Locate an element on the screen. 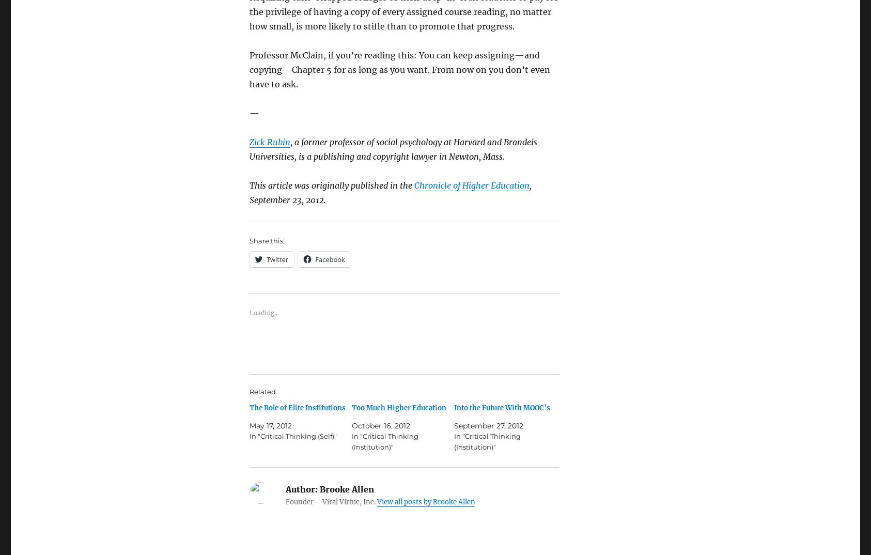 The width and height of the screenshot is (871, 555). 'Related' is located at coordinates (262, 390).